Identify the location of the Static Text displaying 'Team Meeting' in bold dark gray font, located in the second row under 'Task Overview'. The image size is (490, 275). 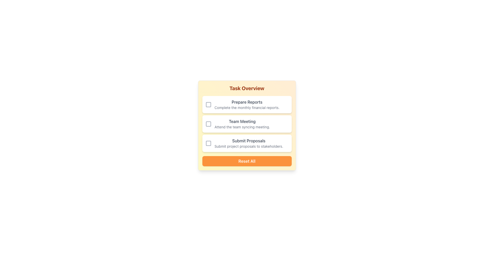
(242, 121).